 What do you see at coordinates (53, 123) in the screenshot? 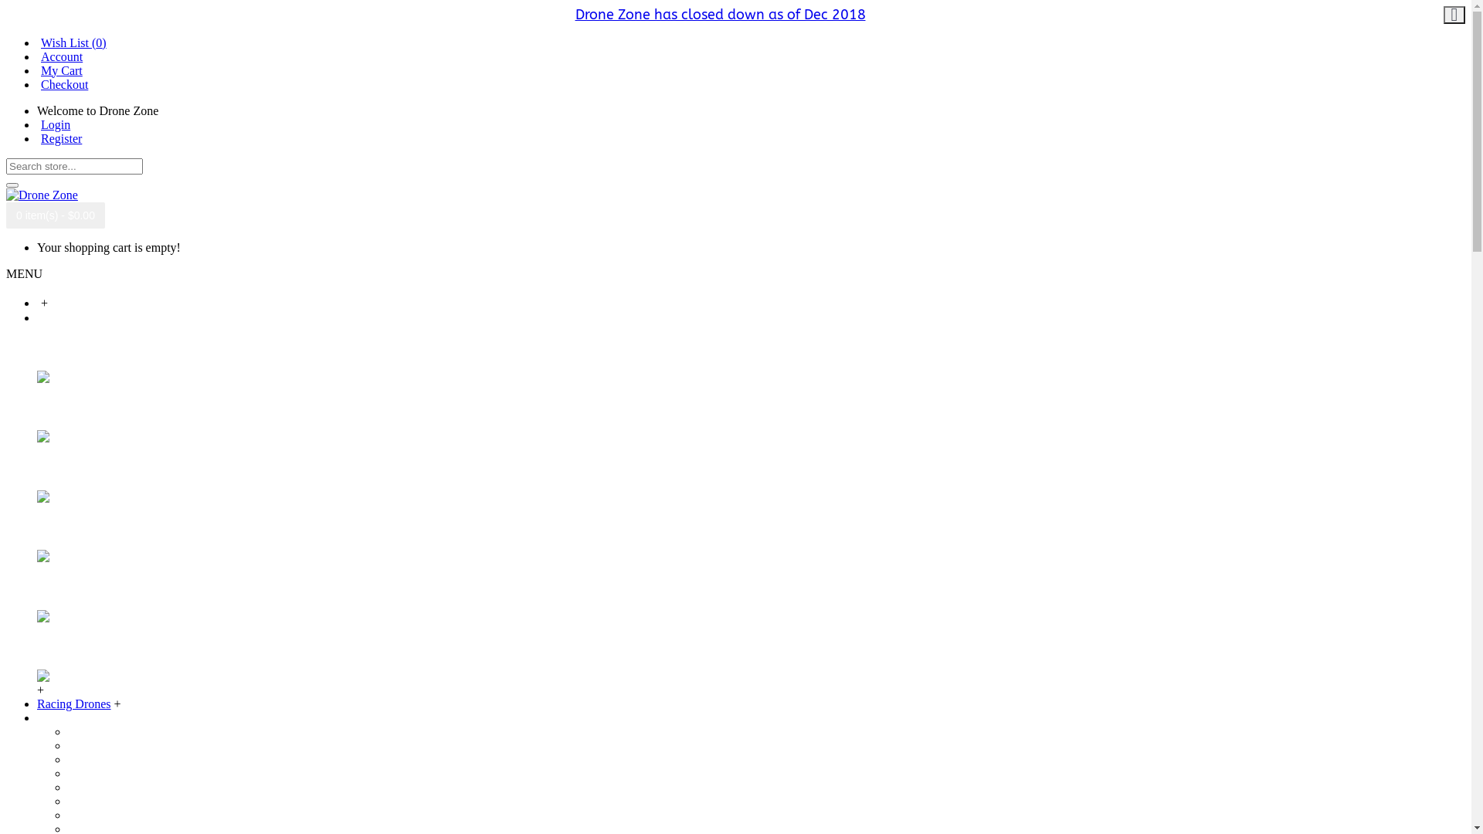
I see `'Login'` at bounding box center [53, 123].